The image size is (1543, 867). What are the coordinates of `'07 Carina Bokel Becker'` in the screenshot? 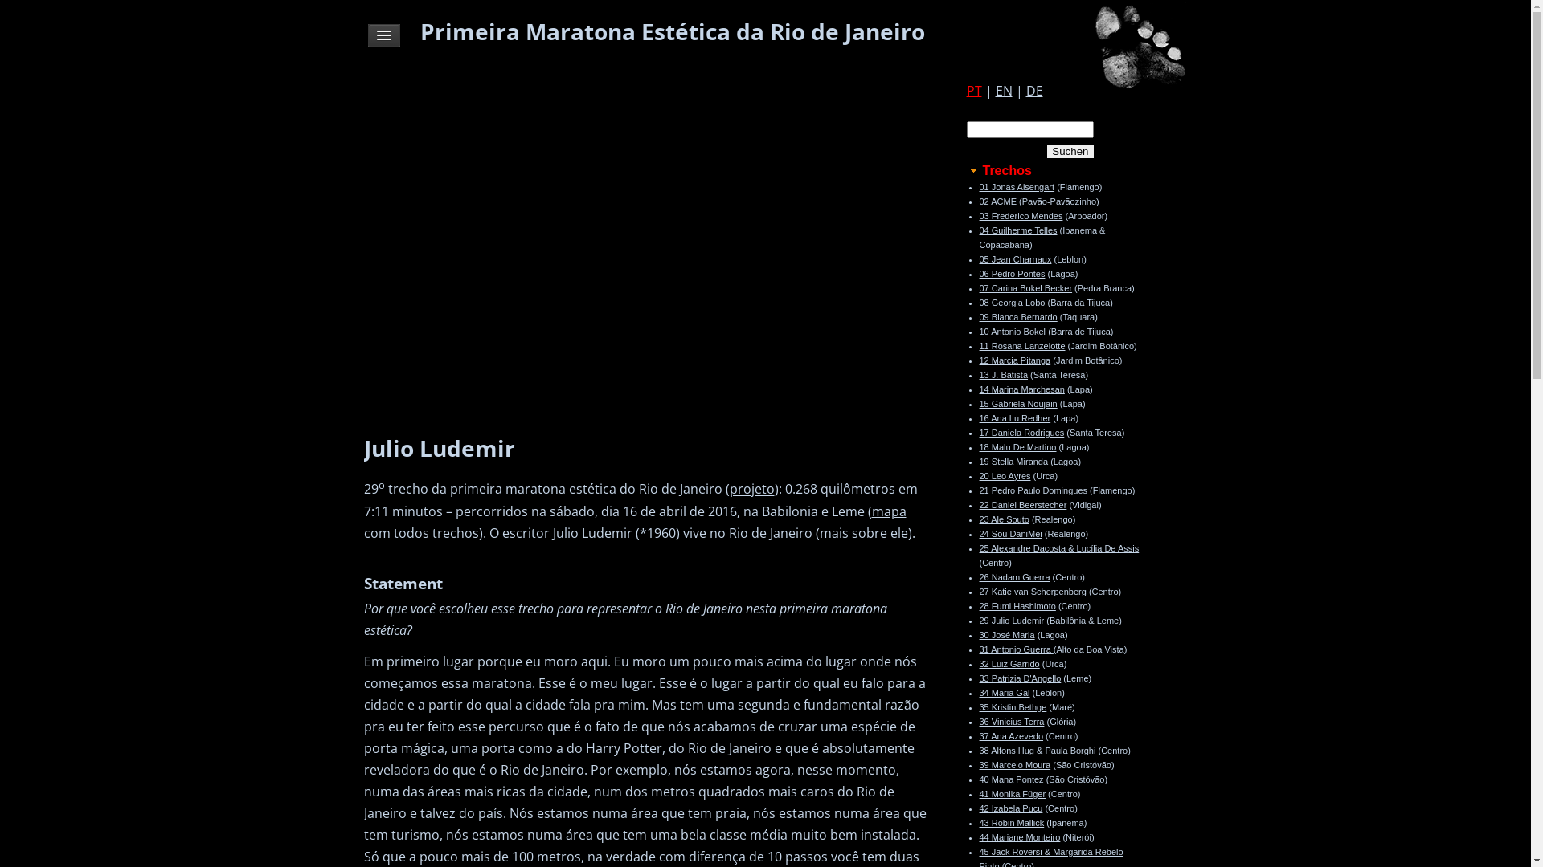 It's located at (1025, 287).